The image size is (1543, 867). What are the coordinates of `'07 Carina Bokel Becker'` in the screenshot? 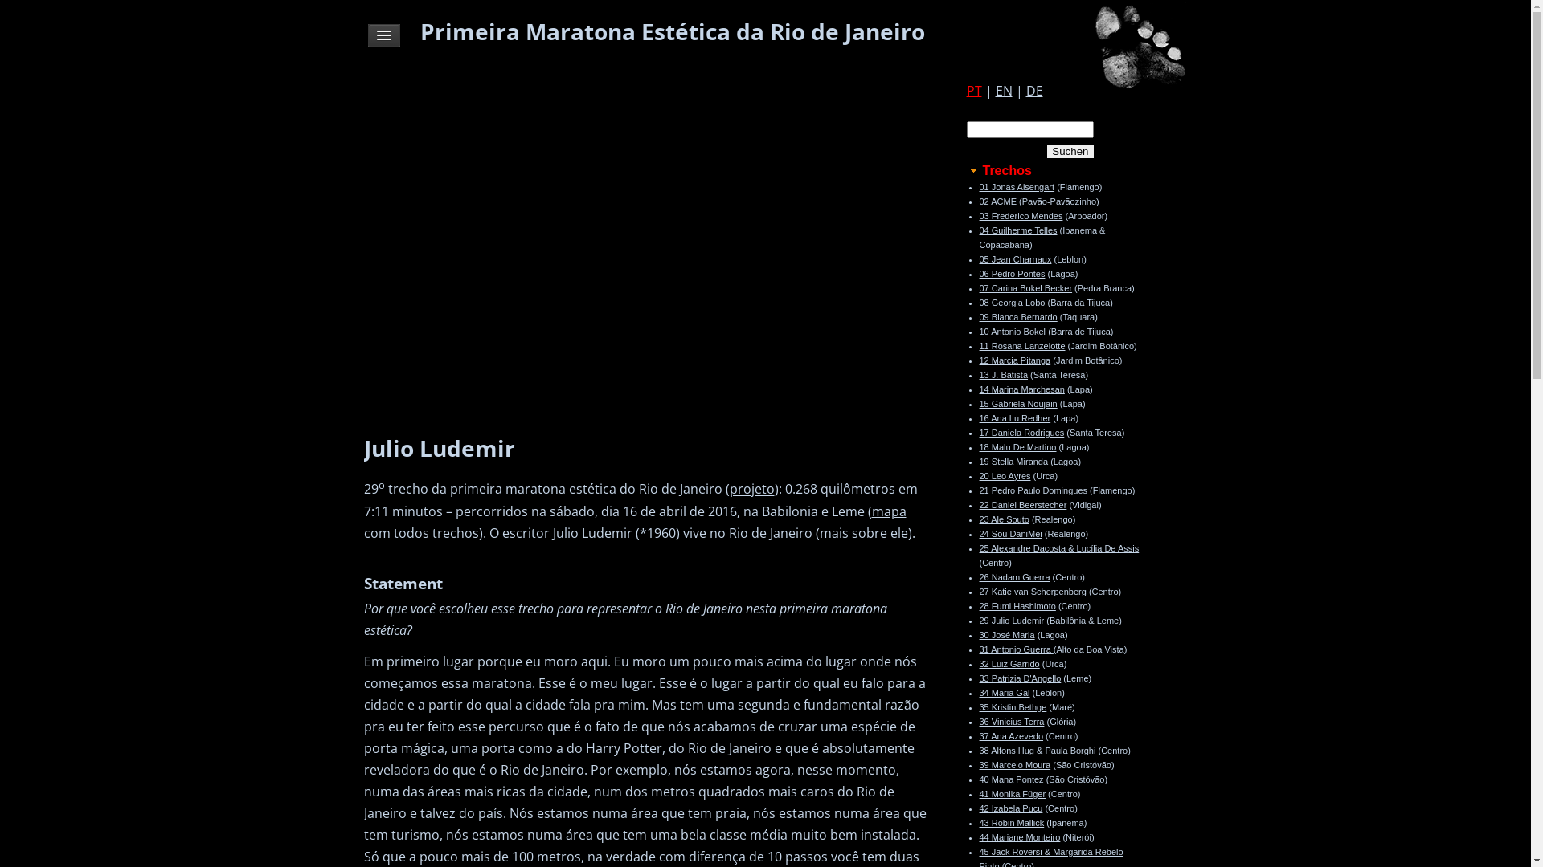 It's located at (1025, 287).